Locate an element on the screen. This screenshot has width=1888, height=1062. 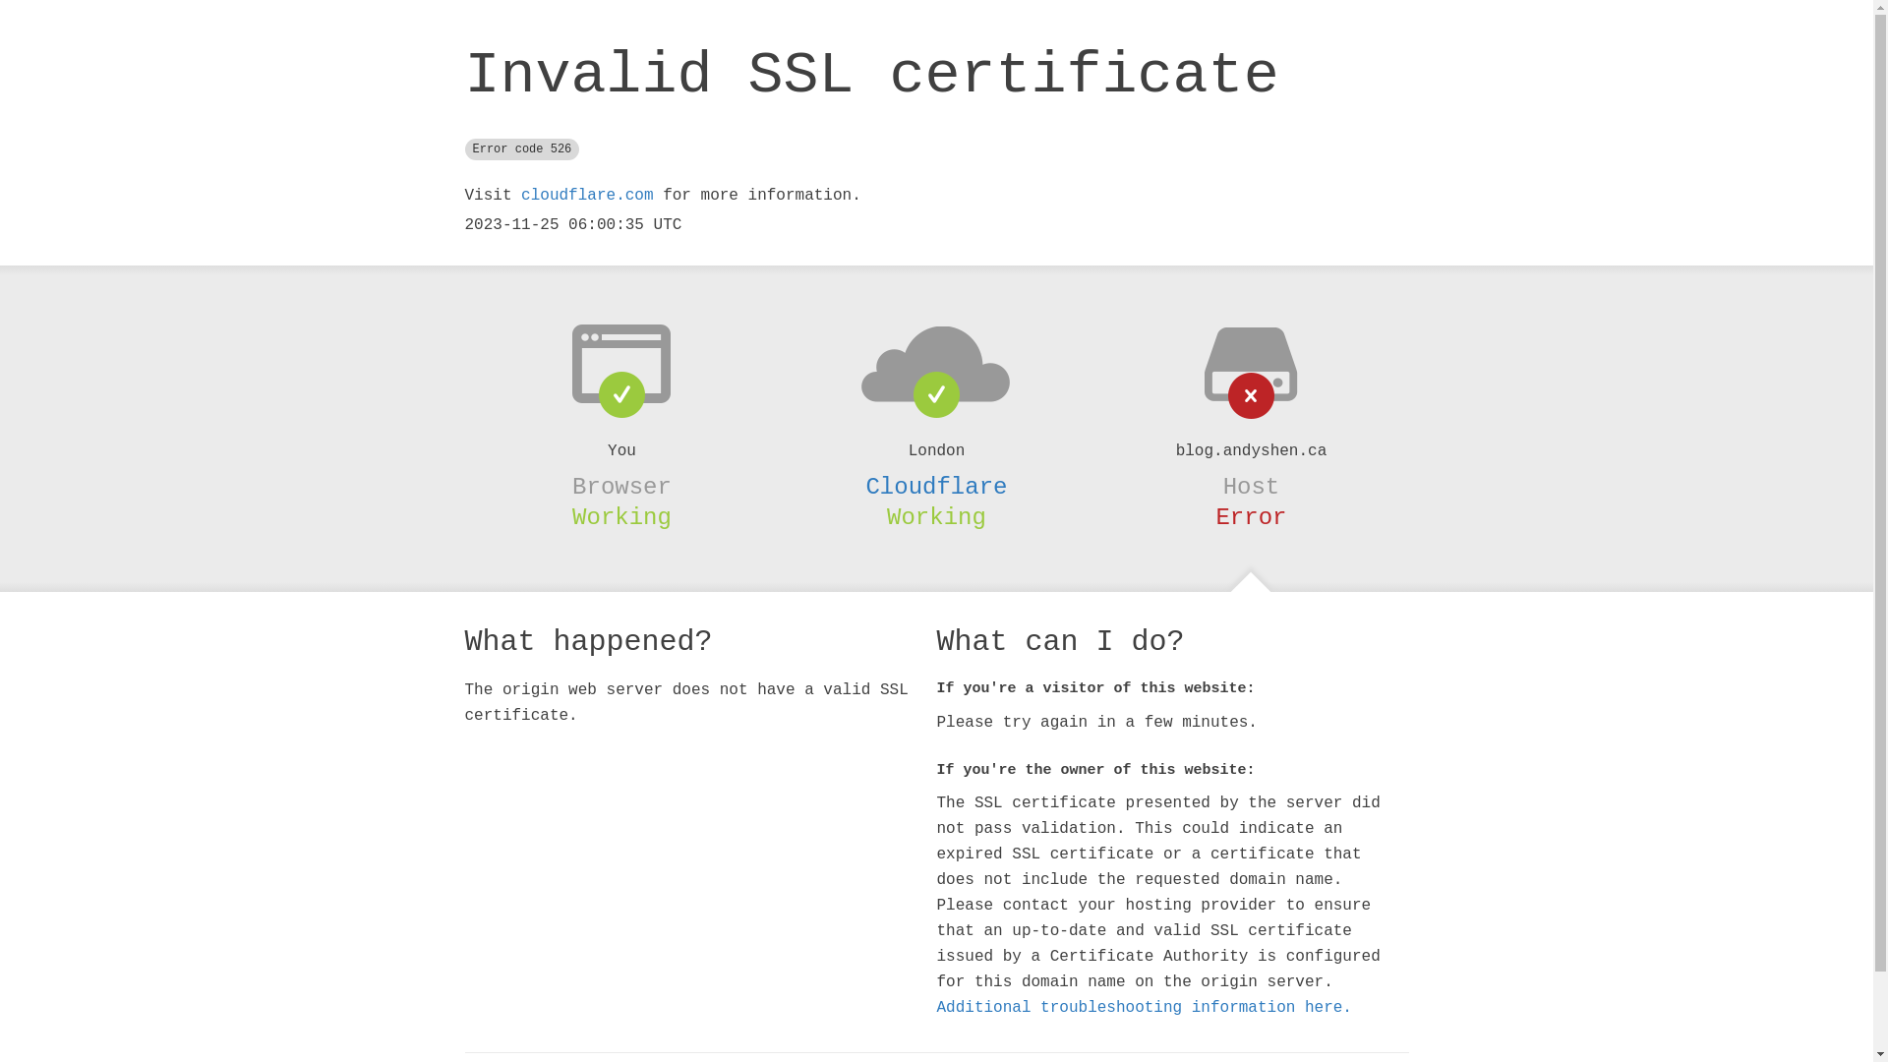
'cloudflare.com' is located at coordinates (585, 196).